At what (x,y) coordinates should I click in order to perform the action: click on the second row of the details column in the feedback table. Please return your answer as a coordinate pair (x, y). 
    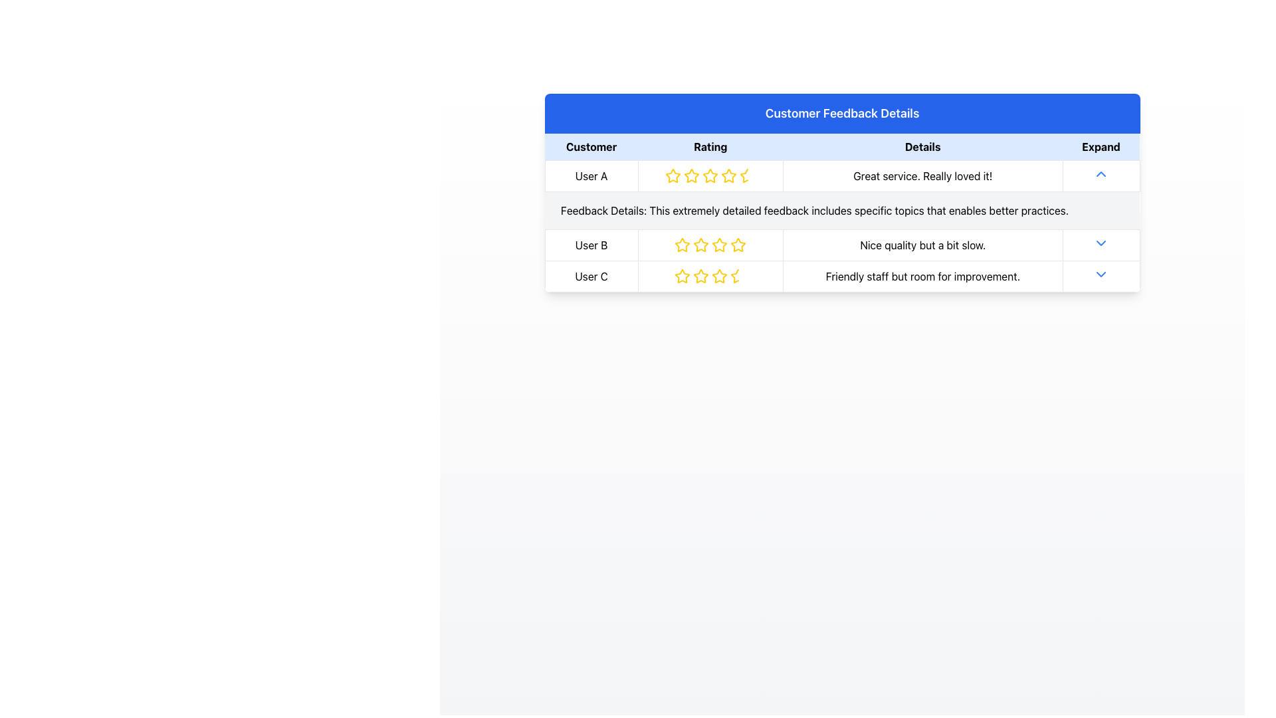
    Looking at the image, I should click on (841, 225).